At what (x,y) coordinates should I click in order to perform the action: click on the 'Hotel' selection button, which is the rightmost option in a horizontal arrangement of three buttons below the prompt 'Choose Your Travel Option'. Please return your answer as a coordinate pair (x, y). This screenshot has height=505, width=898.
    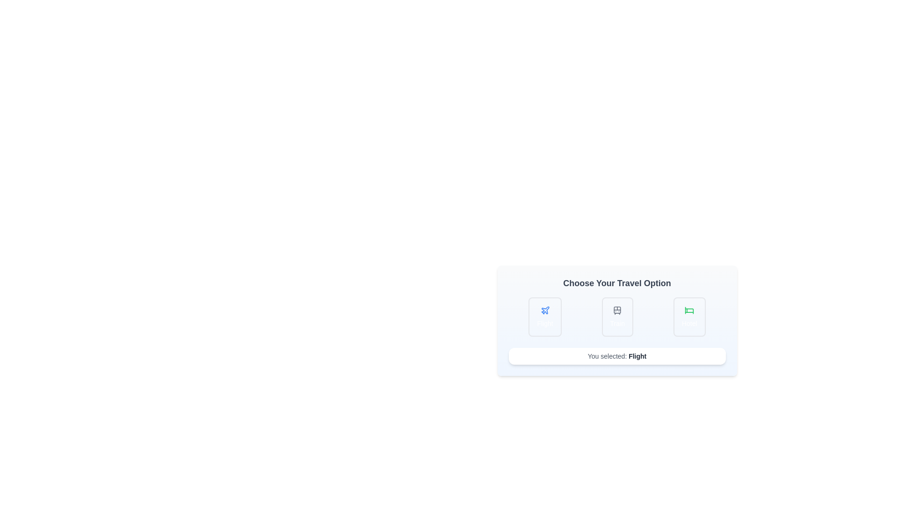
    Looking at the image, I should click on (689, 317).